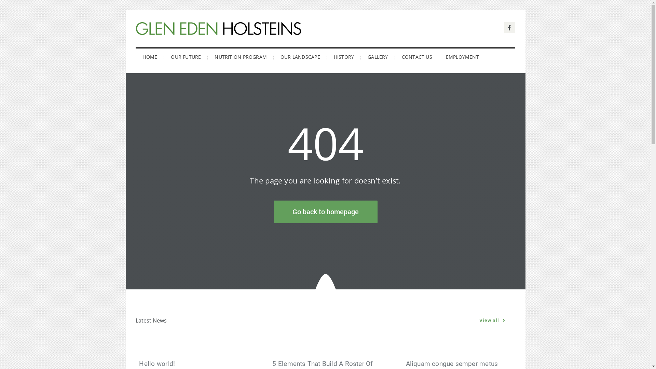  I want to click on 'Aliquam congue semper metus', so click(452, 363).